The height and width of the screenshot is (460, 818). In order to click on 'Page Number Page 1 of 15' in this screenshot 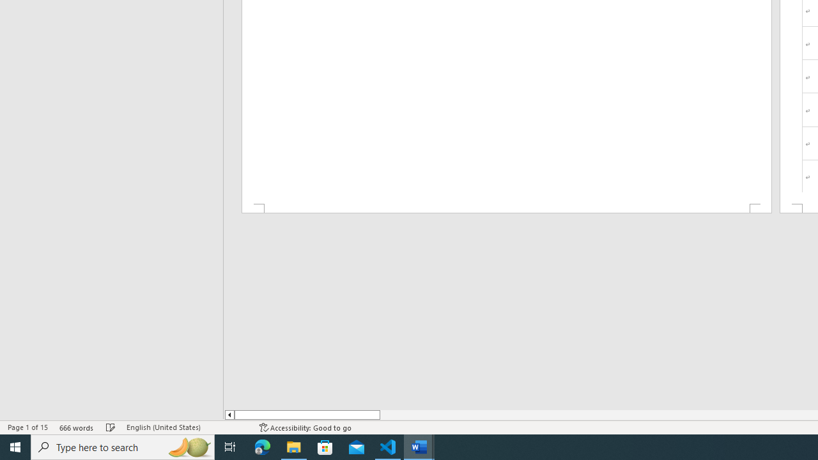, I will do `click(27, 427)`.